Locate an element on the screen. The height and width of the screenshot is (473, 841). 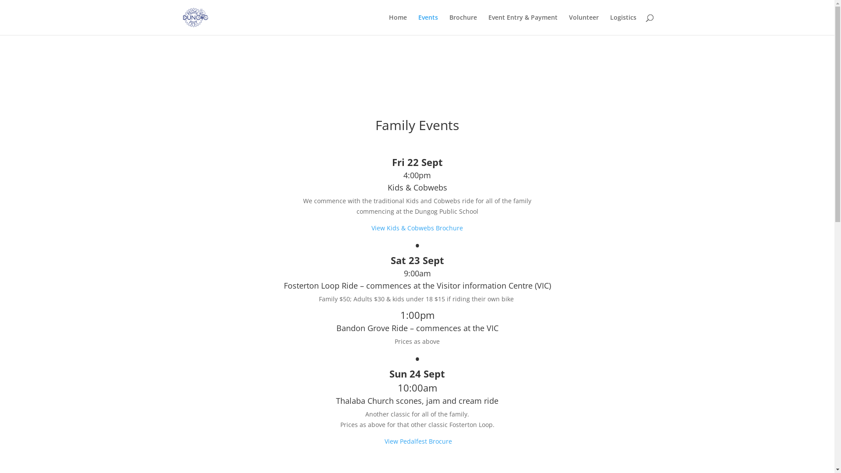
'View Kids & Cobwebs Brochure' is located at coordinates (417, 227).